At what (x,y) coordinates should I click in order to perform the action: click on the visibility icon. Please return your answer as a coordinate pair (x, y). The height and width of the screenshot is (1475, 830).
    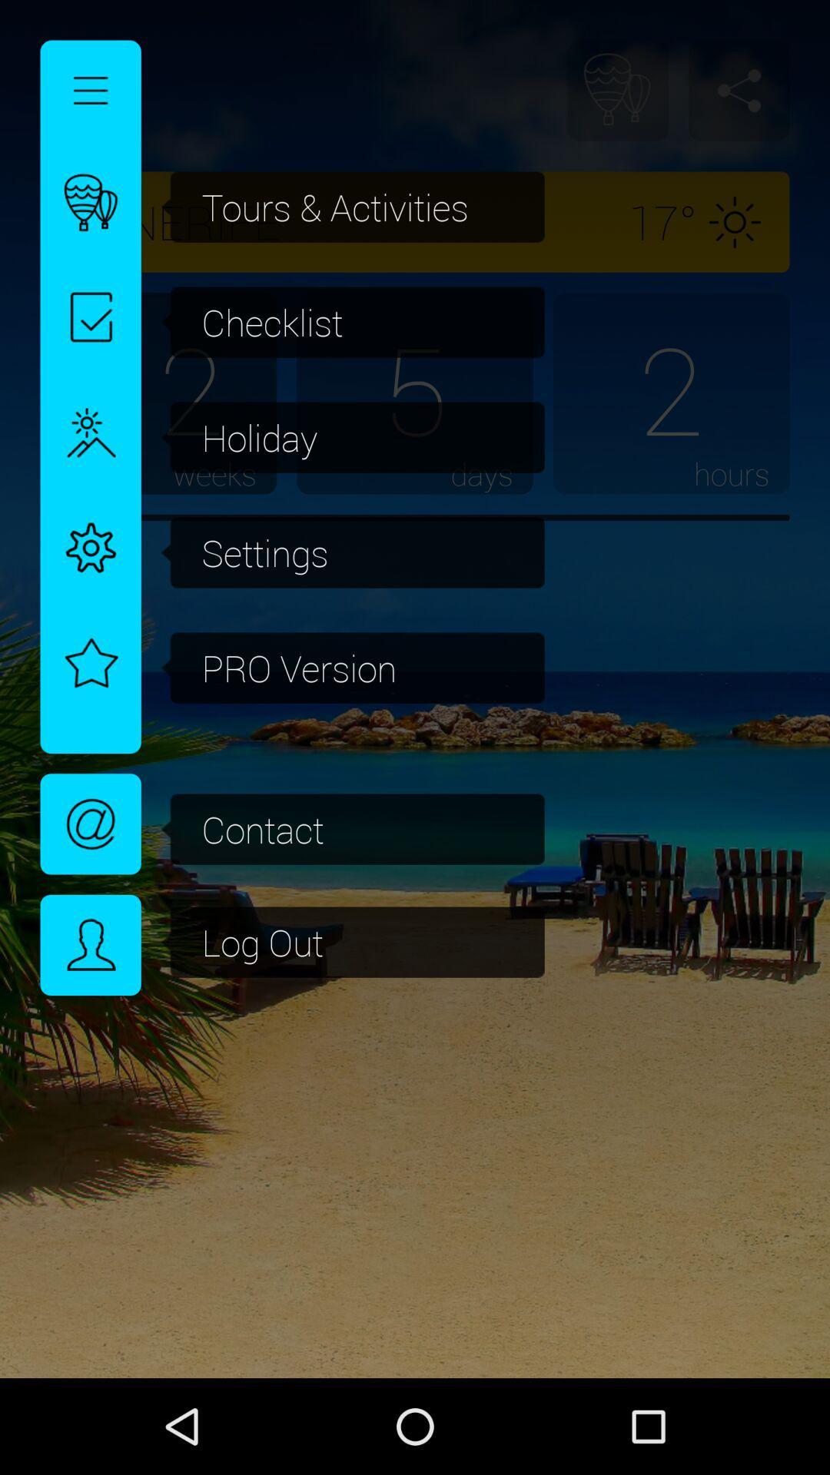
    Looking at the image, I should click on (91, 823).